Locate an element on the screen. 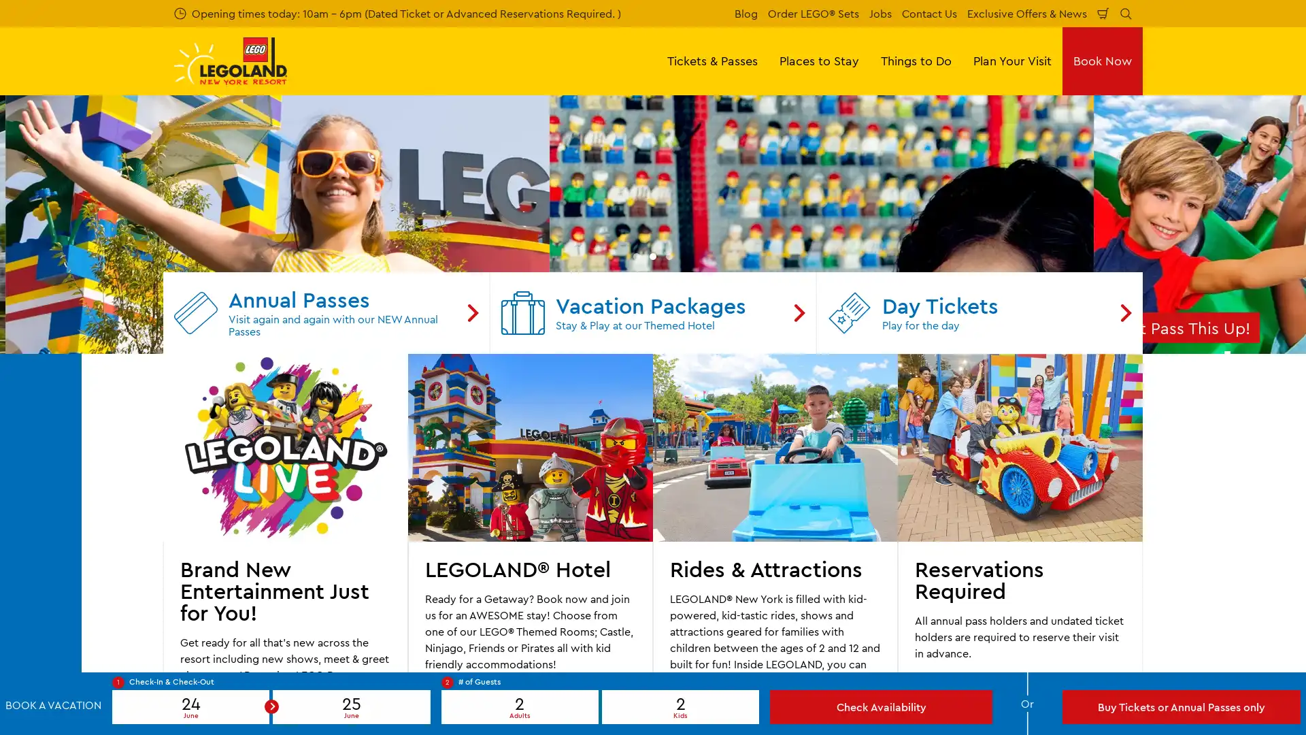 This screenshot has width=1306, height=735. Go to slide 3 is located at coordinates (669, 527).